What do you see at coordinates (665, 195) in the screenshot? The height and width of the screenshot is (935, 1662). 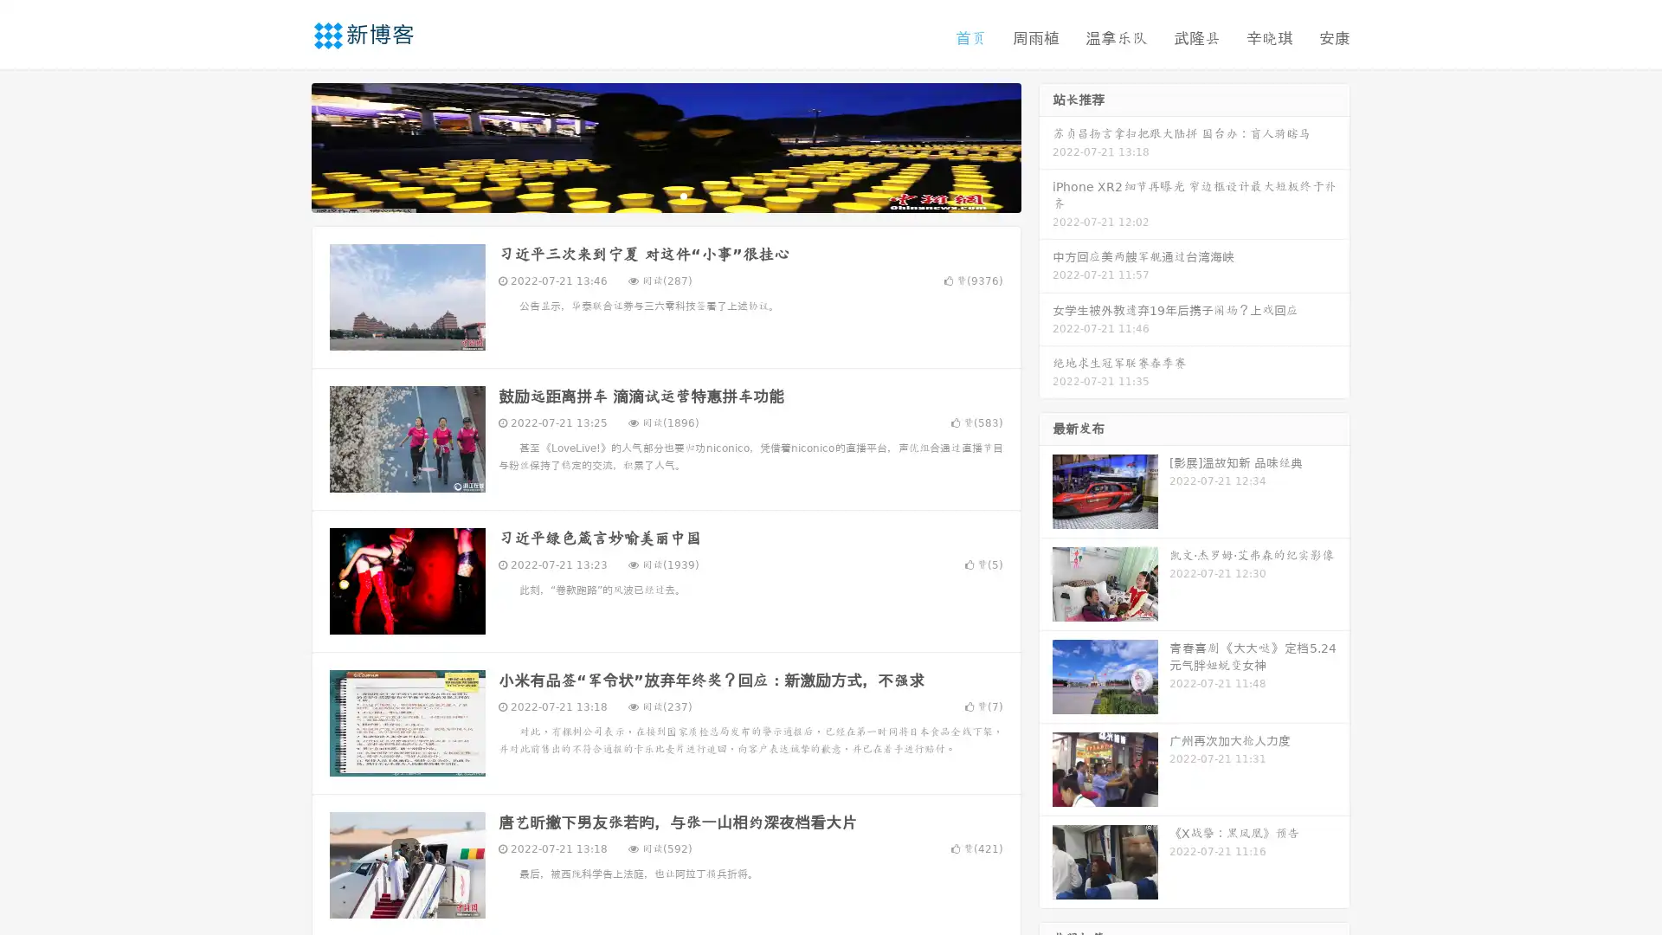 I see `Go to slide 2` at bounding box center [665, 195].